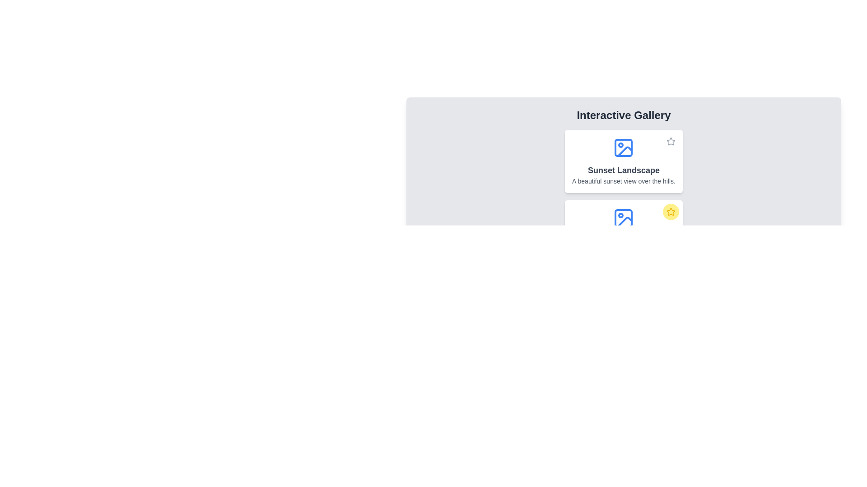 The image size is (867, 487). I want to click on the 'favorite' icon in the upper-right corner of the card, so click(671, 212).